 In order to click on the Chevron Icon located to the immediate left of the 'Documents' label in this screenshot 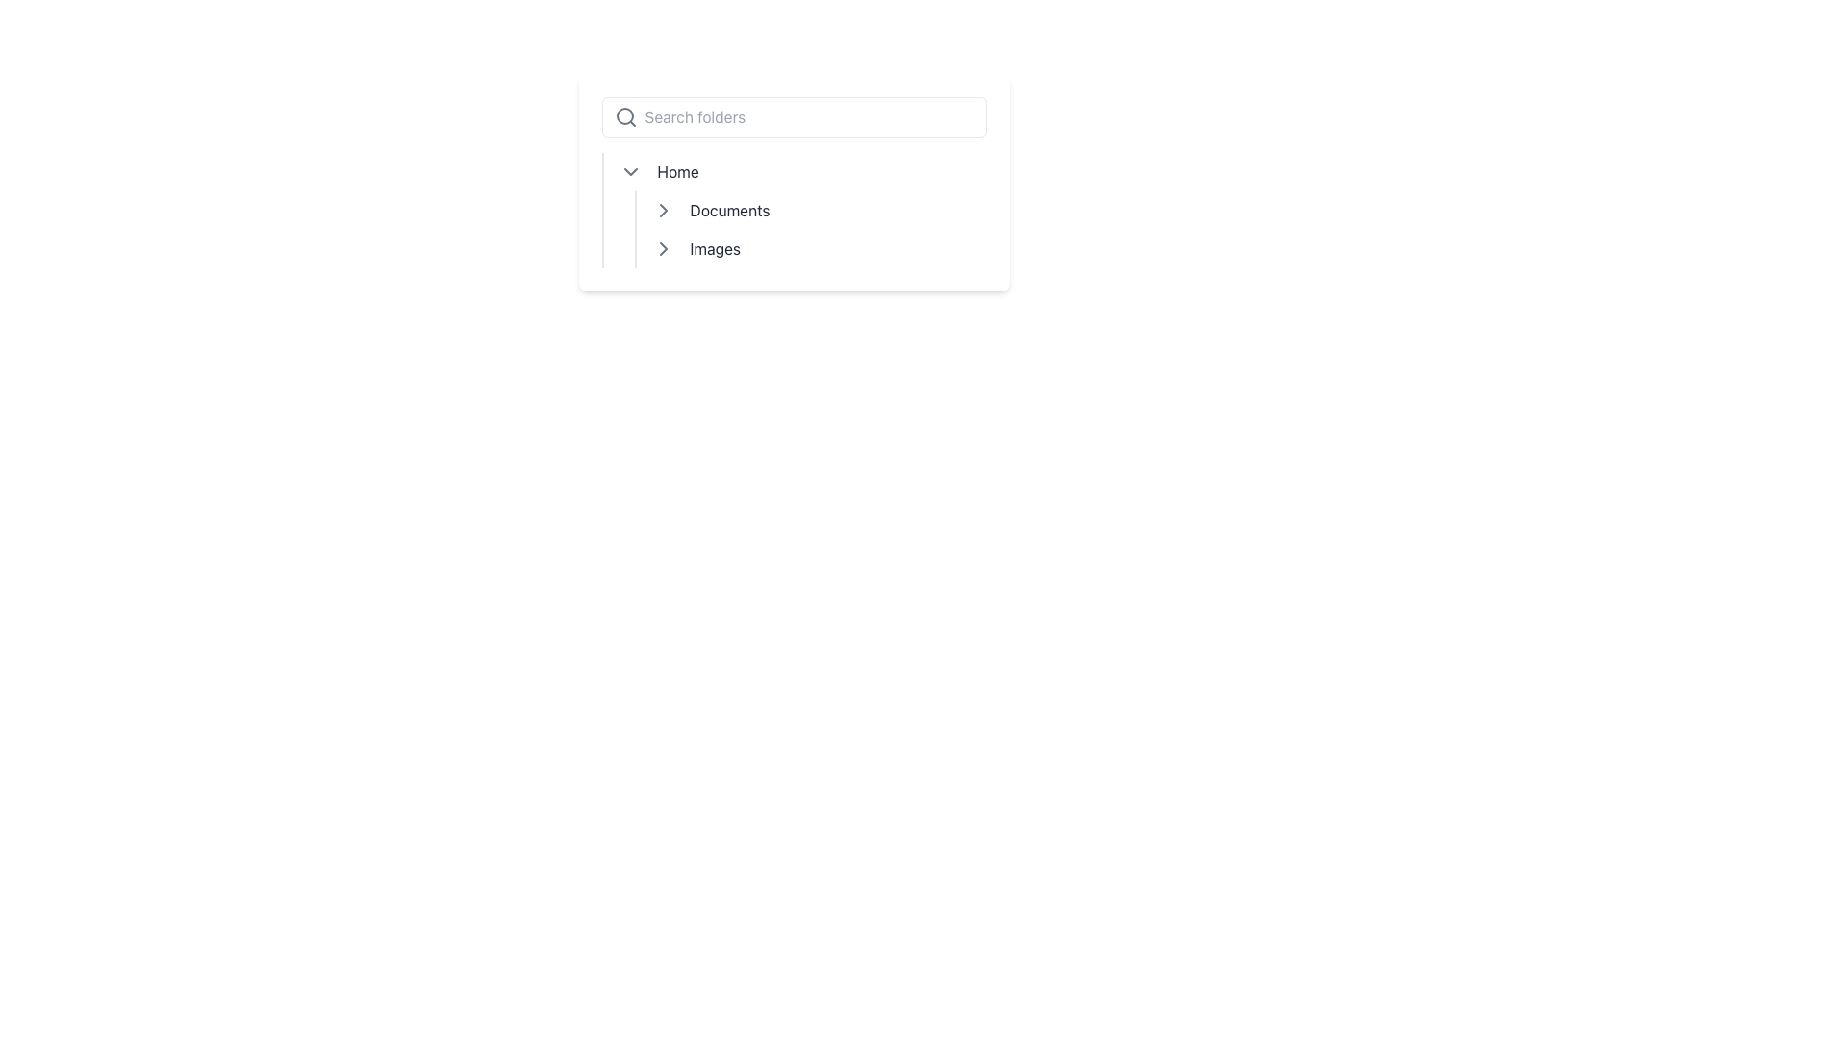, I will do `click(663, 211)`.